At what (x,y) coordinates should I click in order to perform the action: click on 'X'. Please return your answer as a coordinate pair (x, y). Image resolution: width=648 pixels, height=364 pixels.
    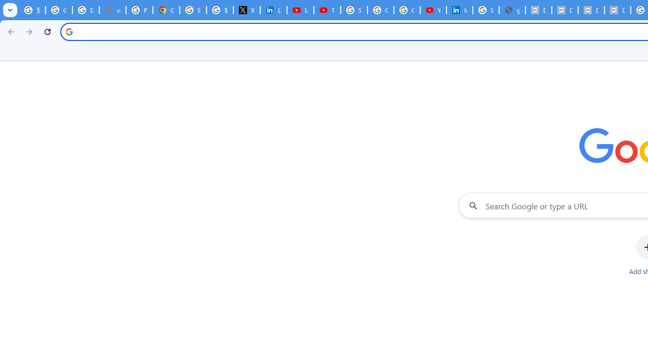
    Looking at the image, I should click on (247, 10).